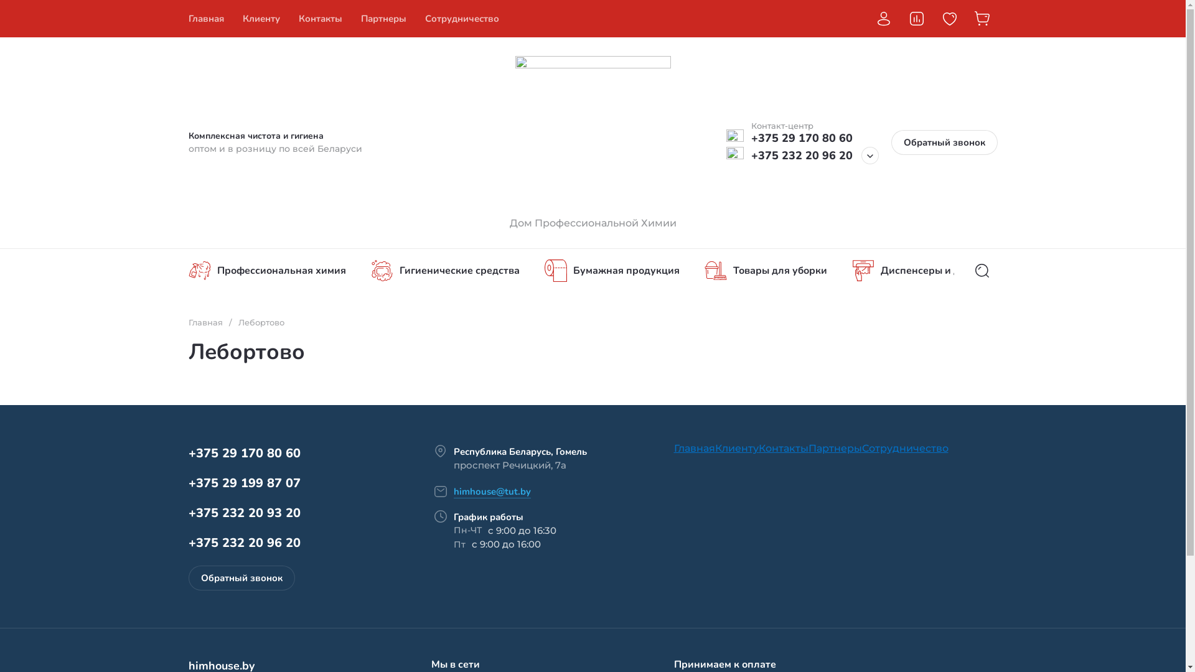 The image size is (1195, 672). What do you see at coordinates (491, 491) in the screenshot?
I see `'himhouse@tut.by'` at bounding box center [491, 491].